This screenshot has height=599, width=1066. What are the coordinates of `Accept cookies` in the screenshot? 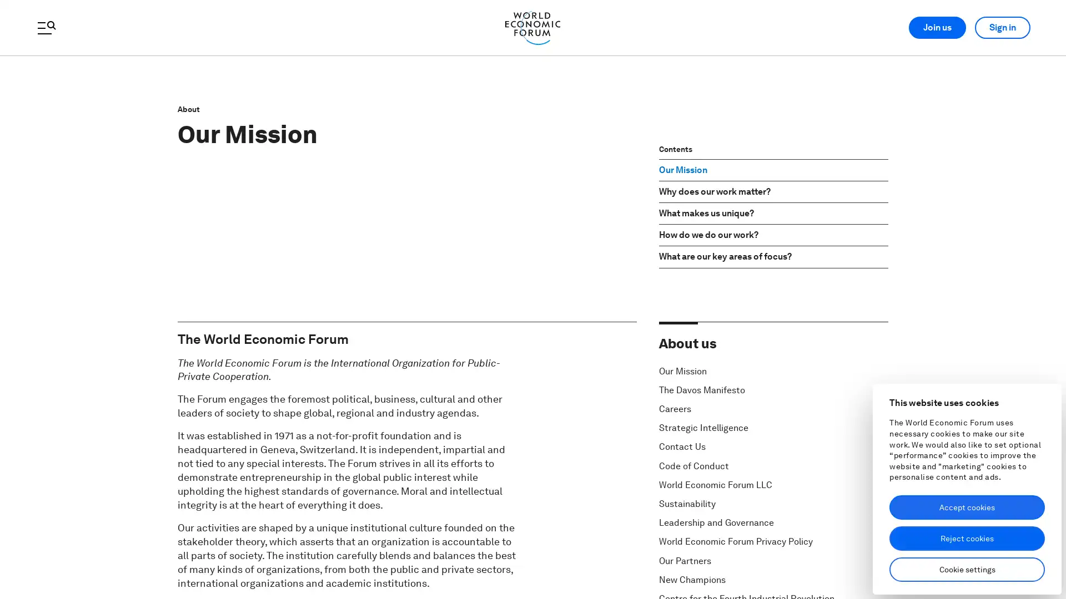 It's located at (967, 507).